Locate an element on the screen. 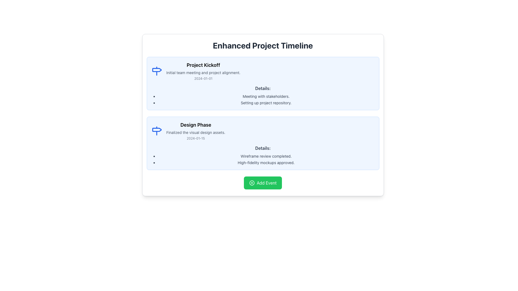 This screenshot has height=291, width=518. the Header Text Label, which serves as the title for the section card located centrally at the top of the section is located at coordinates (195, 125).